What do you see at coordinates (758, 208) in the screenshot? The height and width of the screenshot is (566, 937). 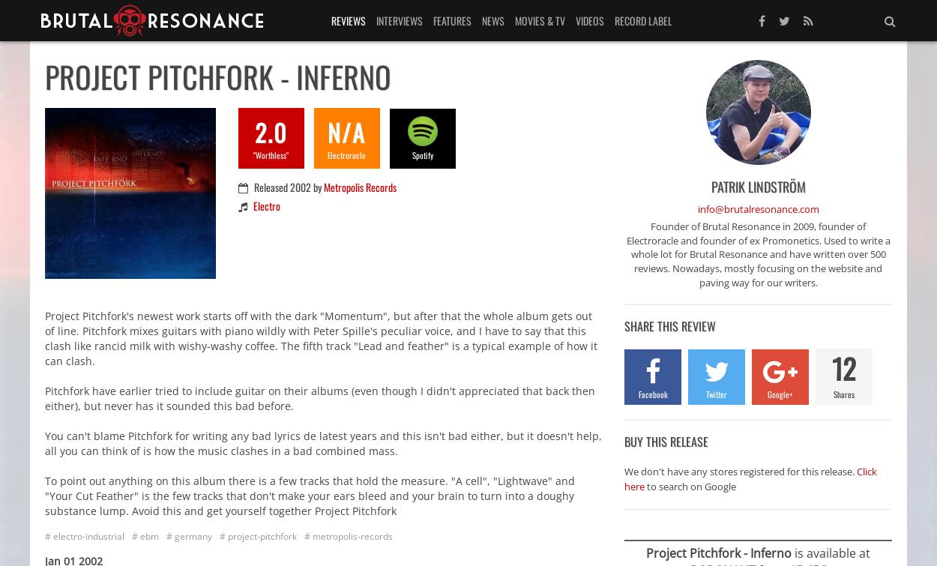 I see `'info@brutalresonance.com'` at bounding box center [758, 208].